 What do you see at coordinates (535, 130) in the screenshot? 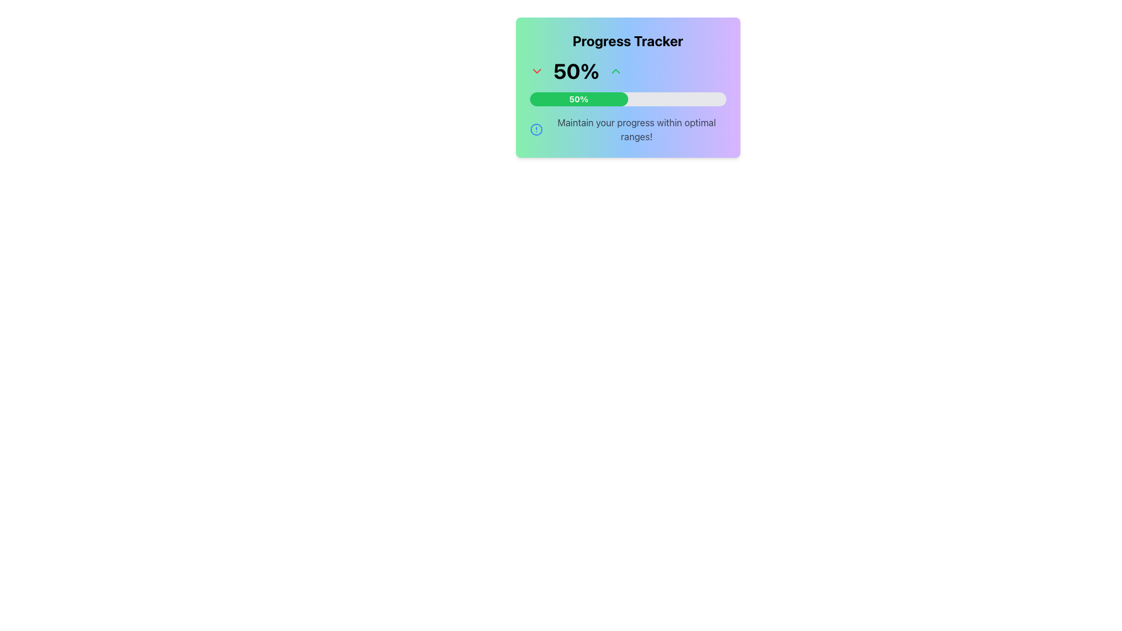
I see `the icon located in the bottom left corner of the text 'Maintain your progress within optimal ranges!', which serves as a visual indicator for the message` at bounding box center [535, 130].